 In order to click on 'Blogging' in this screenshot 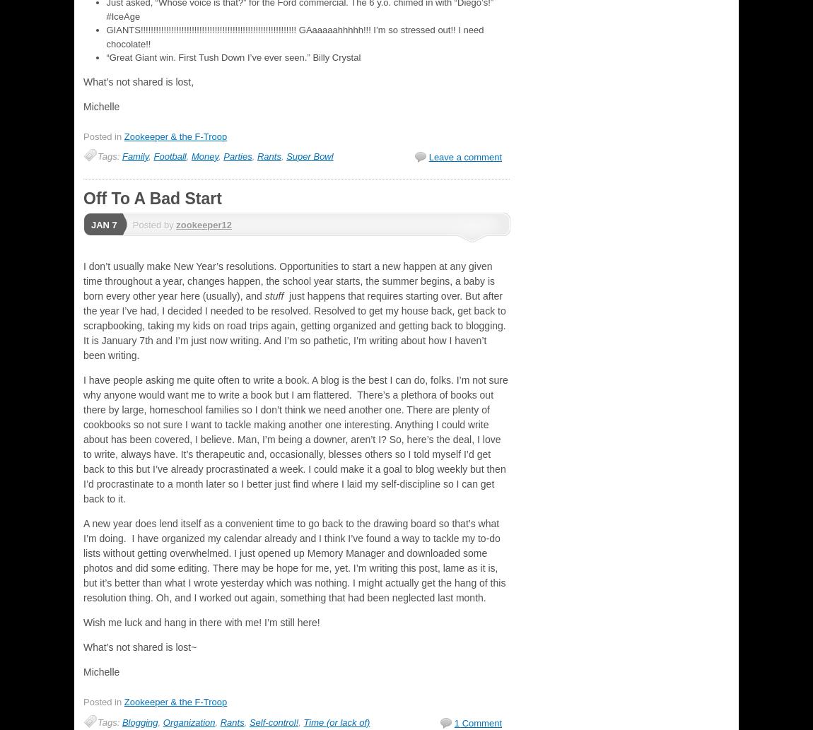, I will do `click(139, 721)`.